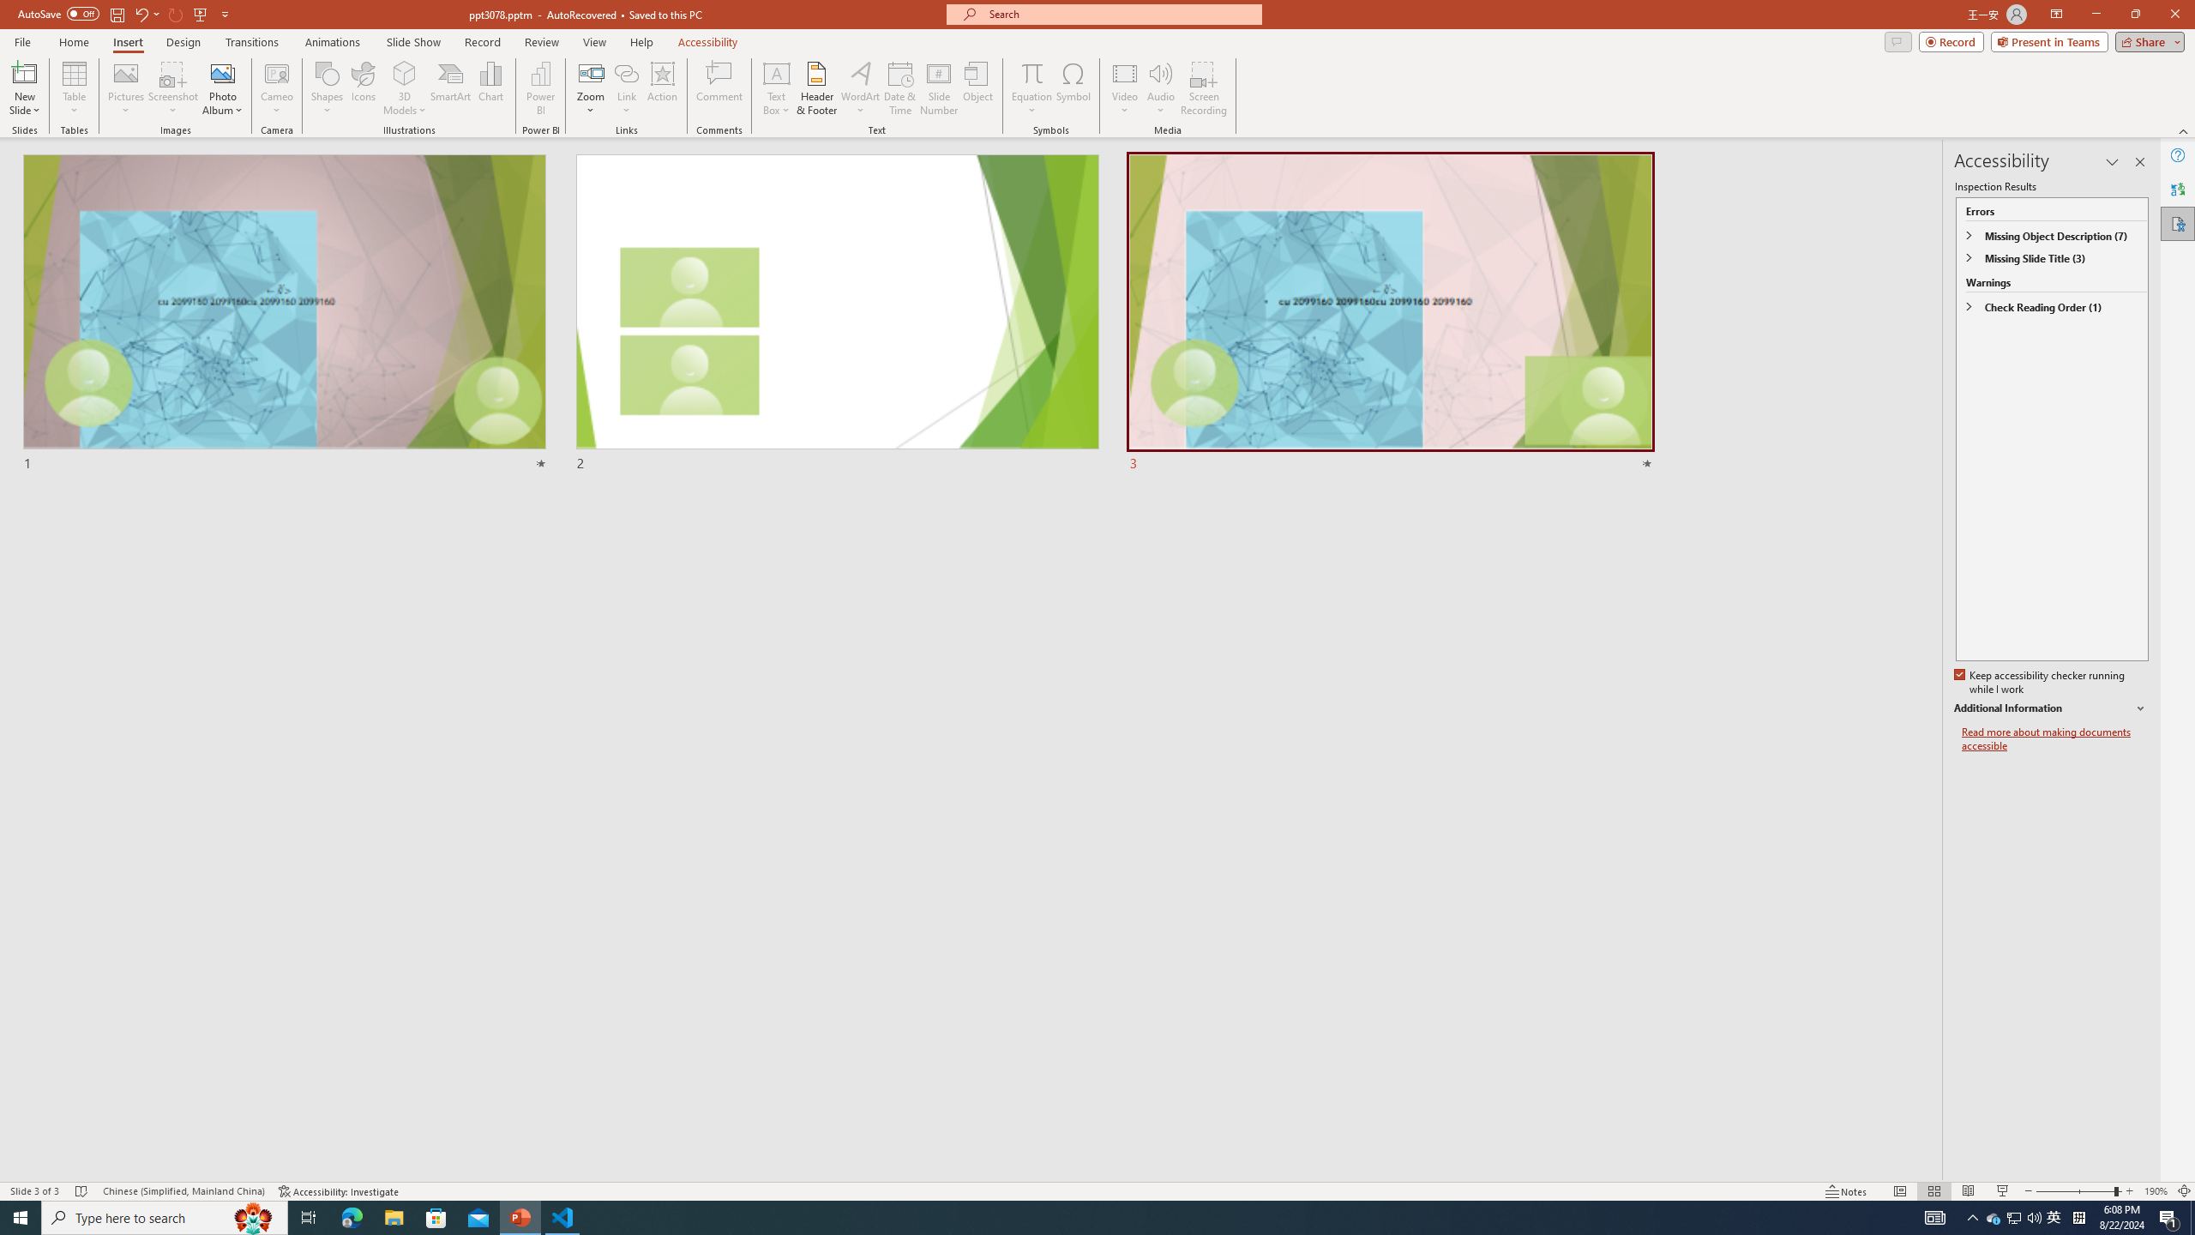 This screenshot has height=1235, width=2195. I want to click on 'Header & Footer...', so click(815, 88).